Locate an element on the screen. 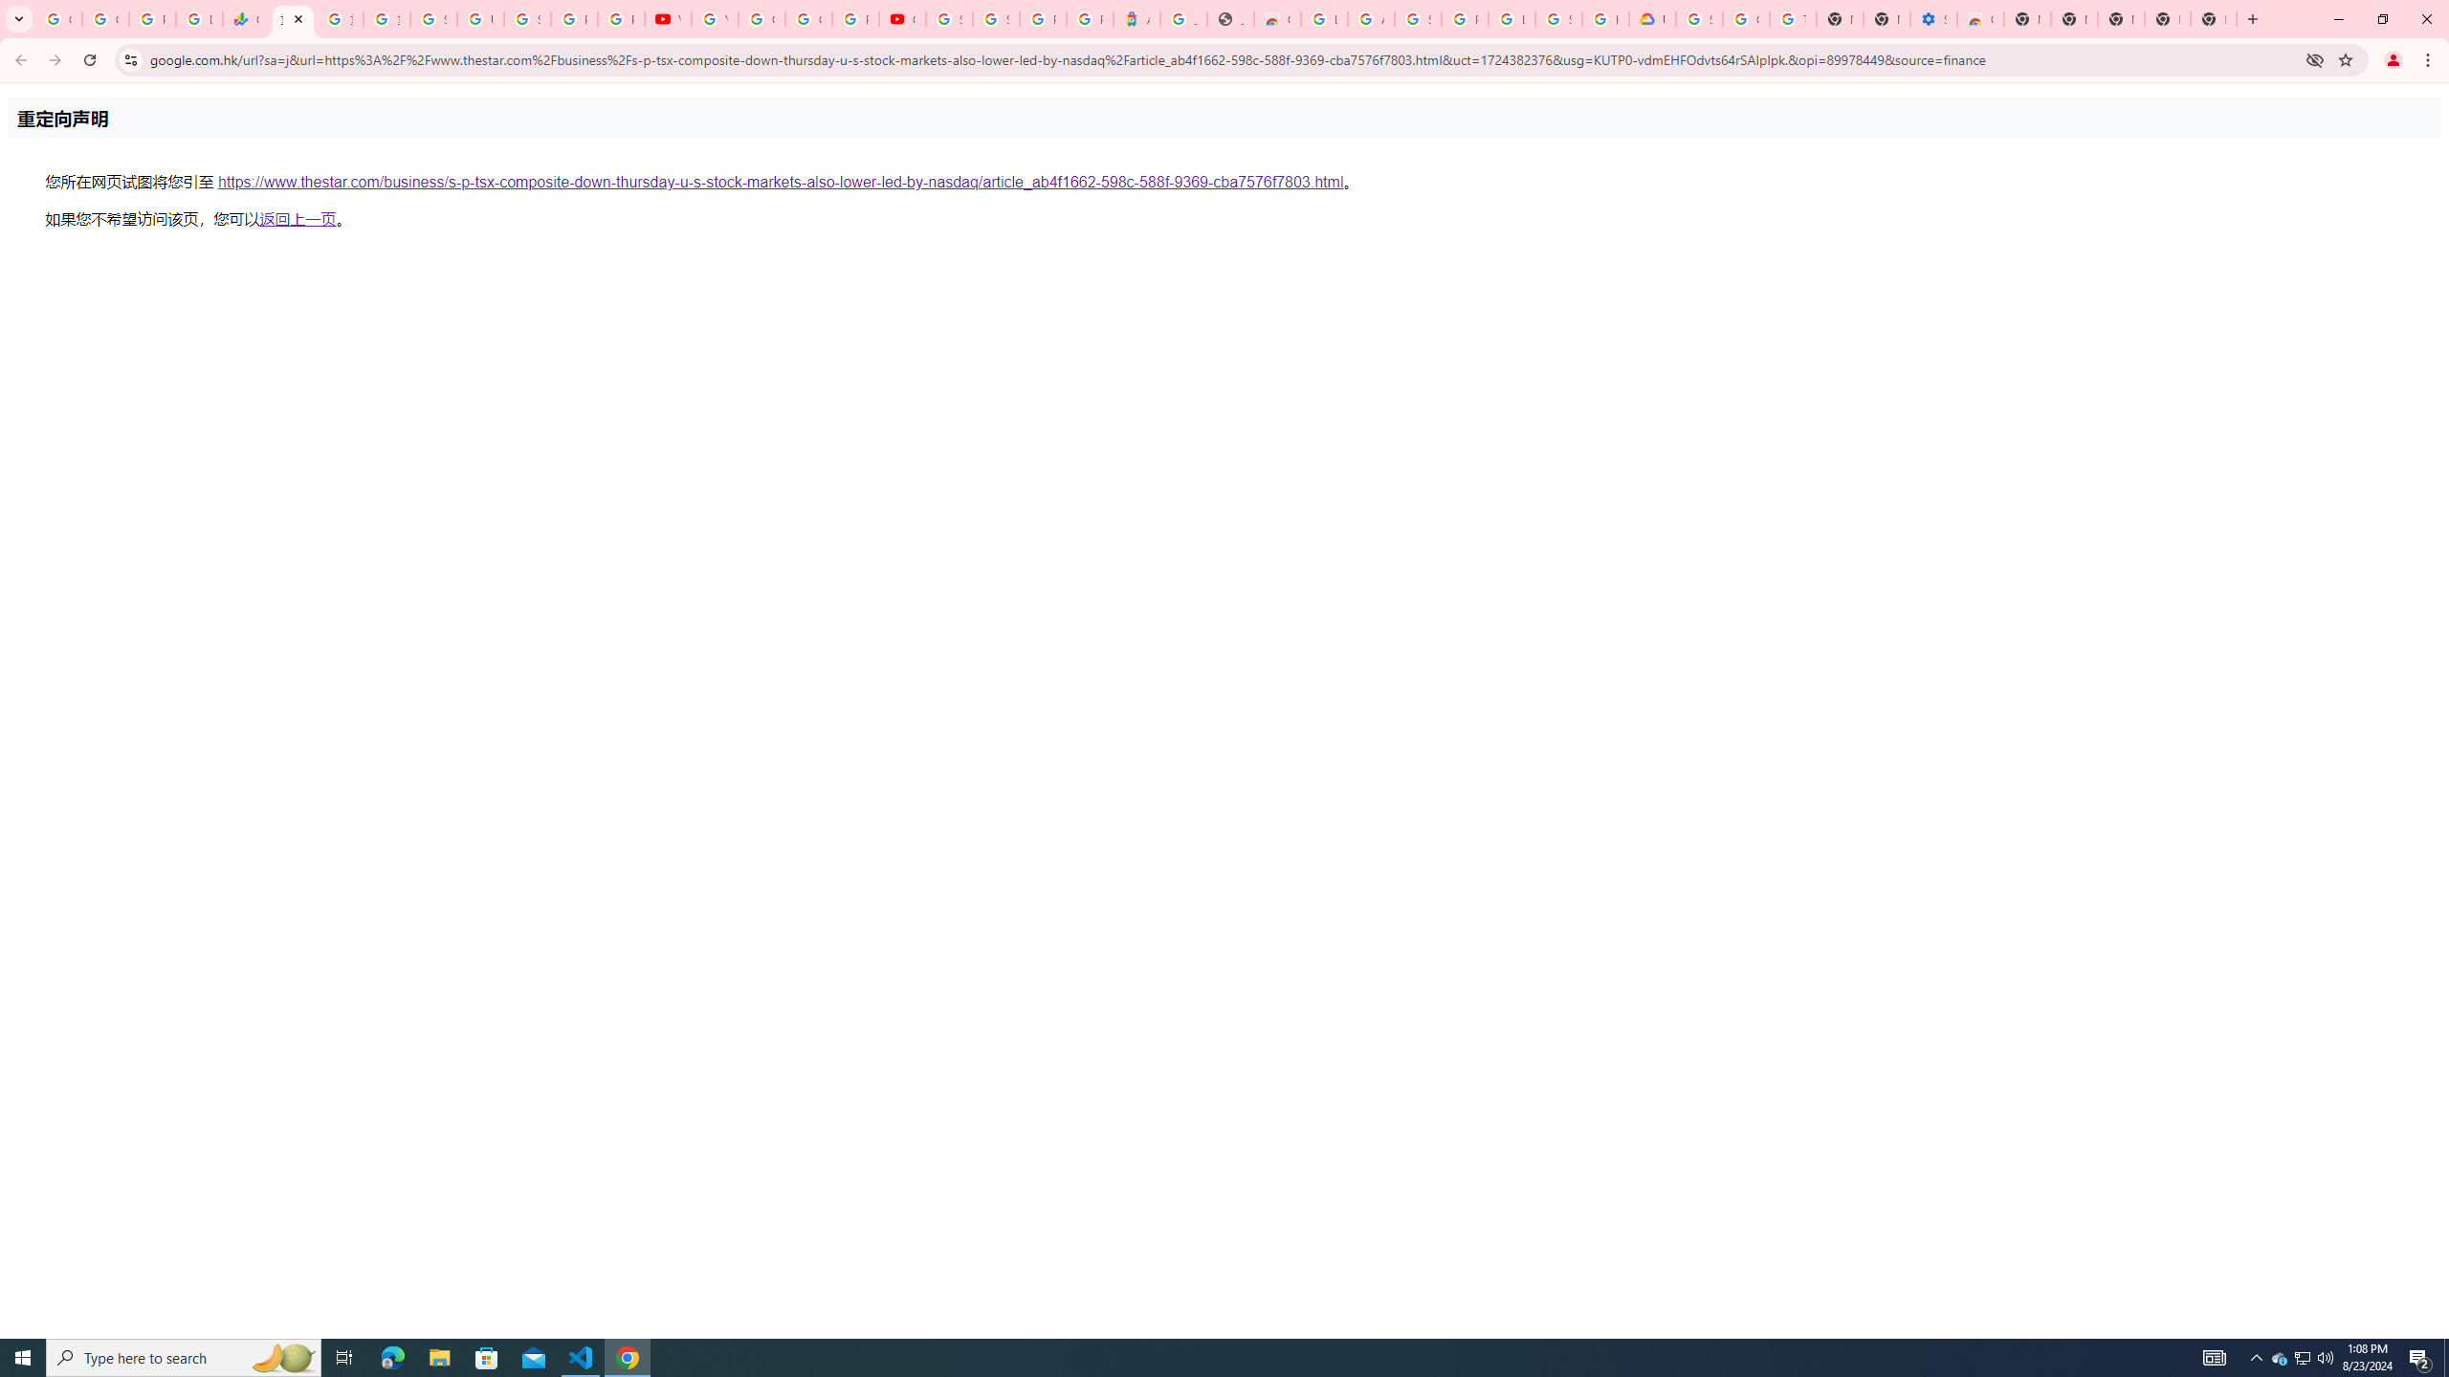 This screenshot has height=1377, width=2449. 'Settings - Accessibility' is located at coordinates (1933, 18).